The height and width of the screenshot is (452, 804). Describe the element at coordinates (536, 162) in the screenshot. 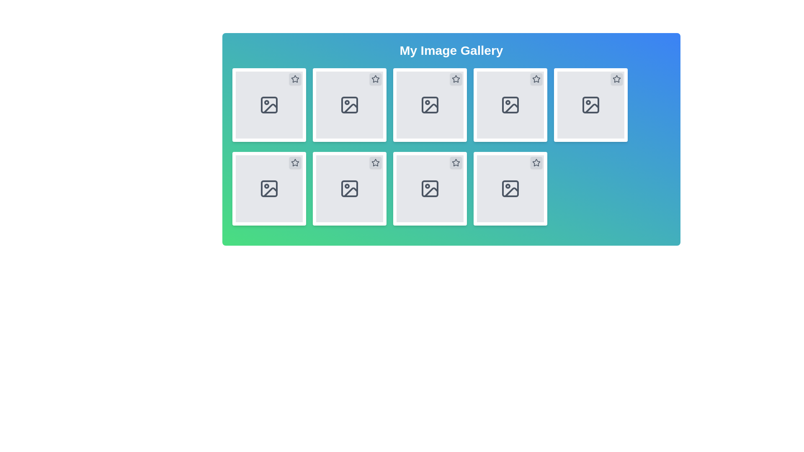

I see `the star-shaped icon located in the top-right corner of the 8th image card in the gallery` at that location.